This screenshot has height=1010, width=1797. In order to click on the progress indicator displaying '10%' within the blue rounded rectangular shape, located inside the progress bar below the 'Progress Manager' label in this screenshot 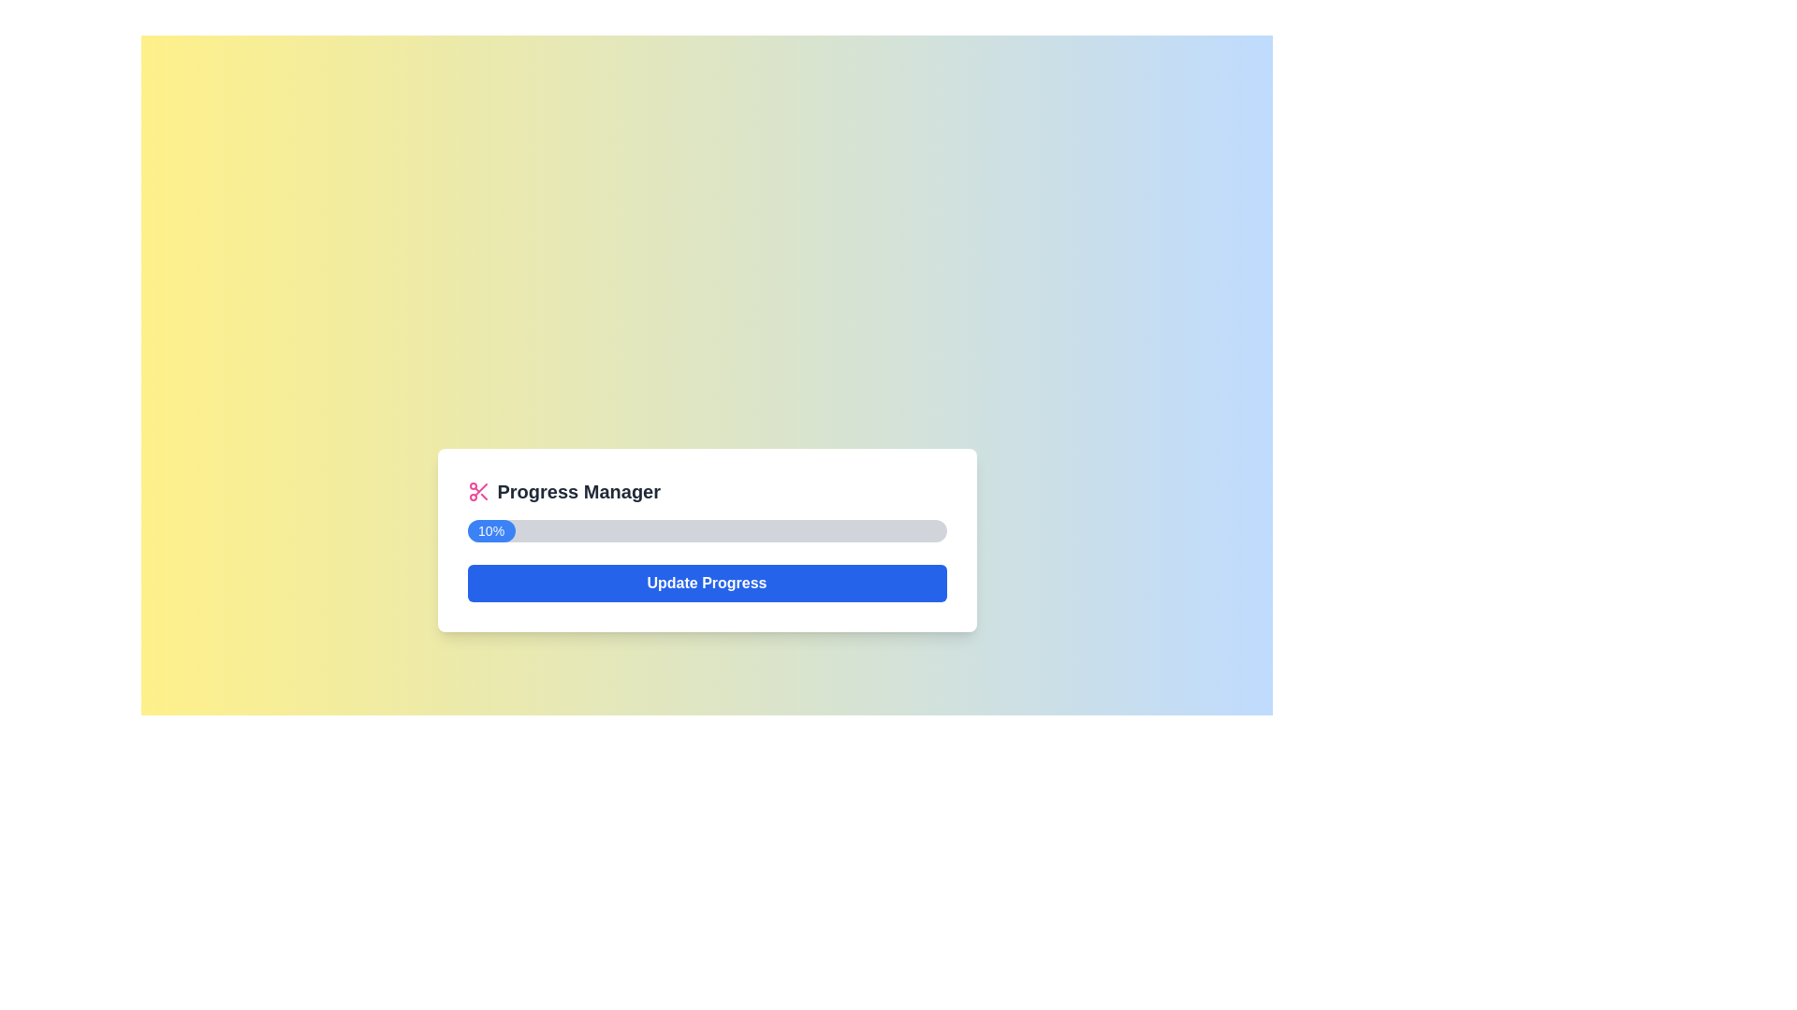, I will do `click(491, 530)`.